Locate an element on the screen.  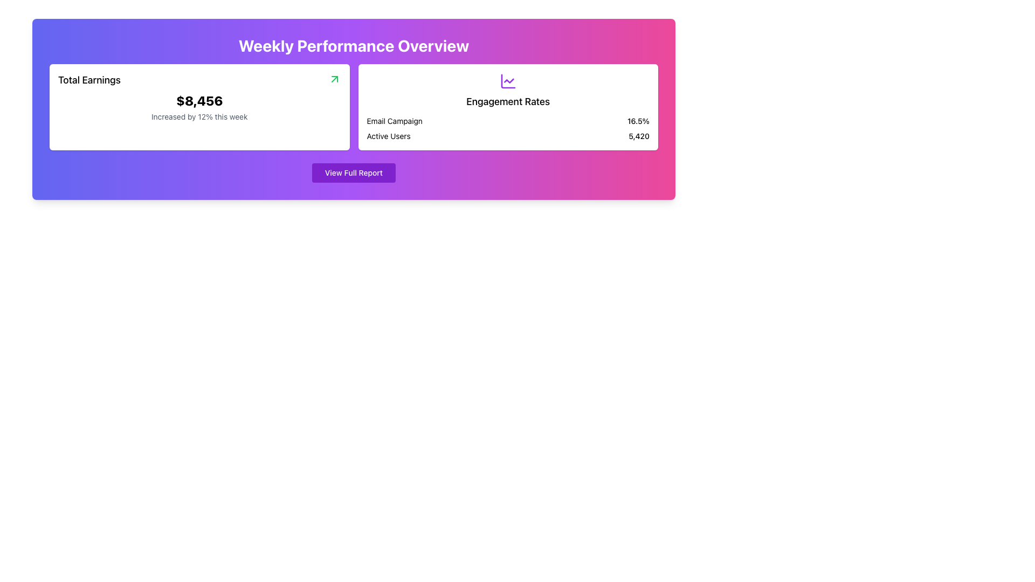
text from the 'Active Users' label, which is styled in a standard sans-serif font and located above the numeric data '5,420' in the 'Engagement Rates' area is located at coordinates (388, 136).